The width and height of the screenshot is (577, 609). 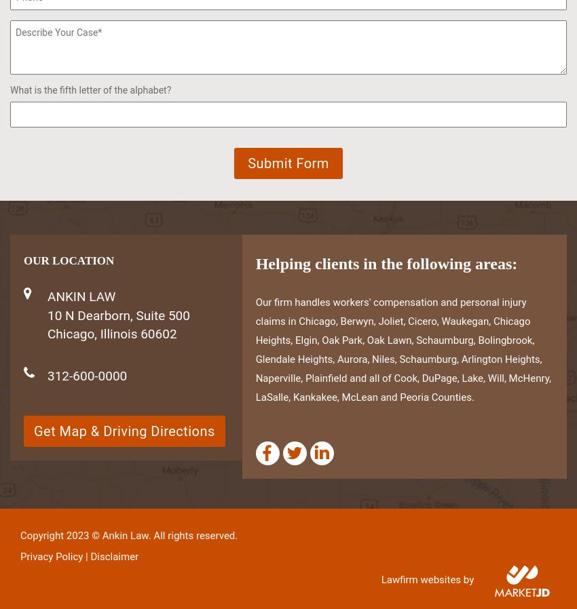 I want to click on 'Helping clients in the following areas:', so click(x=386, y=263).